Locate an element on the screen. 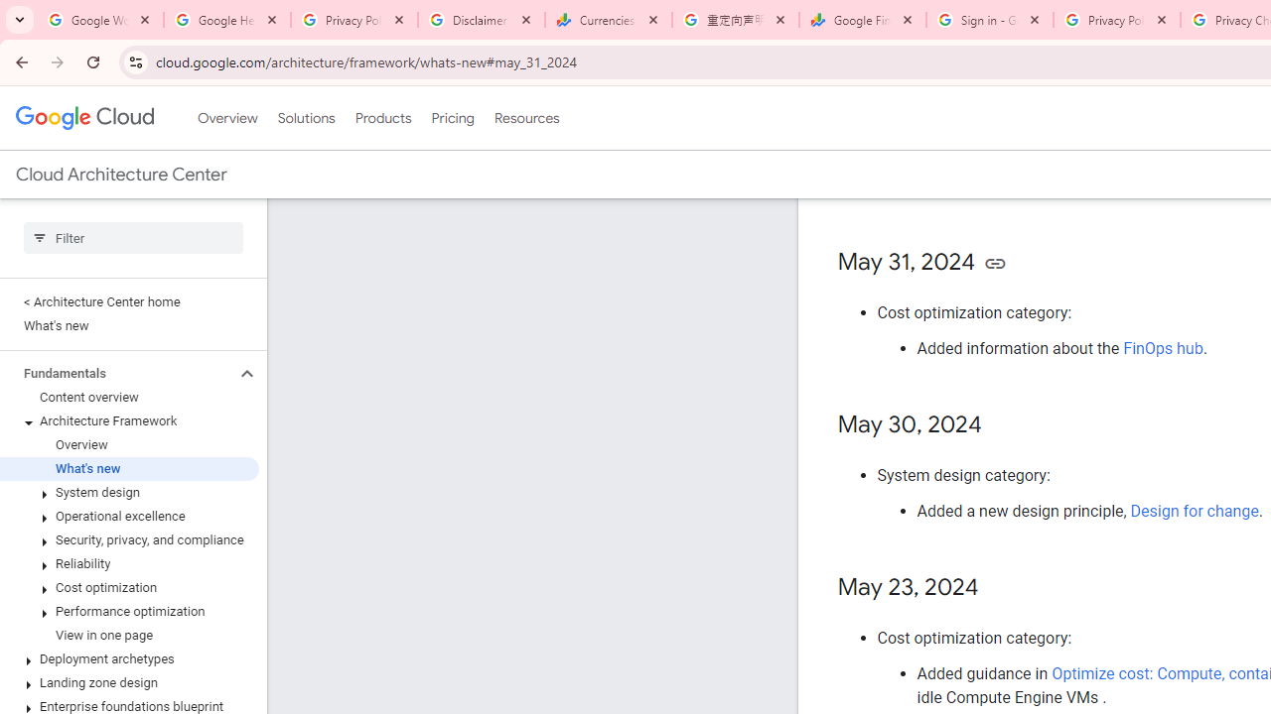 The width and height of the screenshot is (1271, 714). 'Design for change' is located at coordinates (1194, 510).